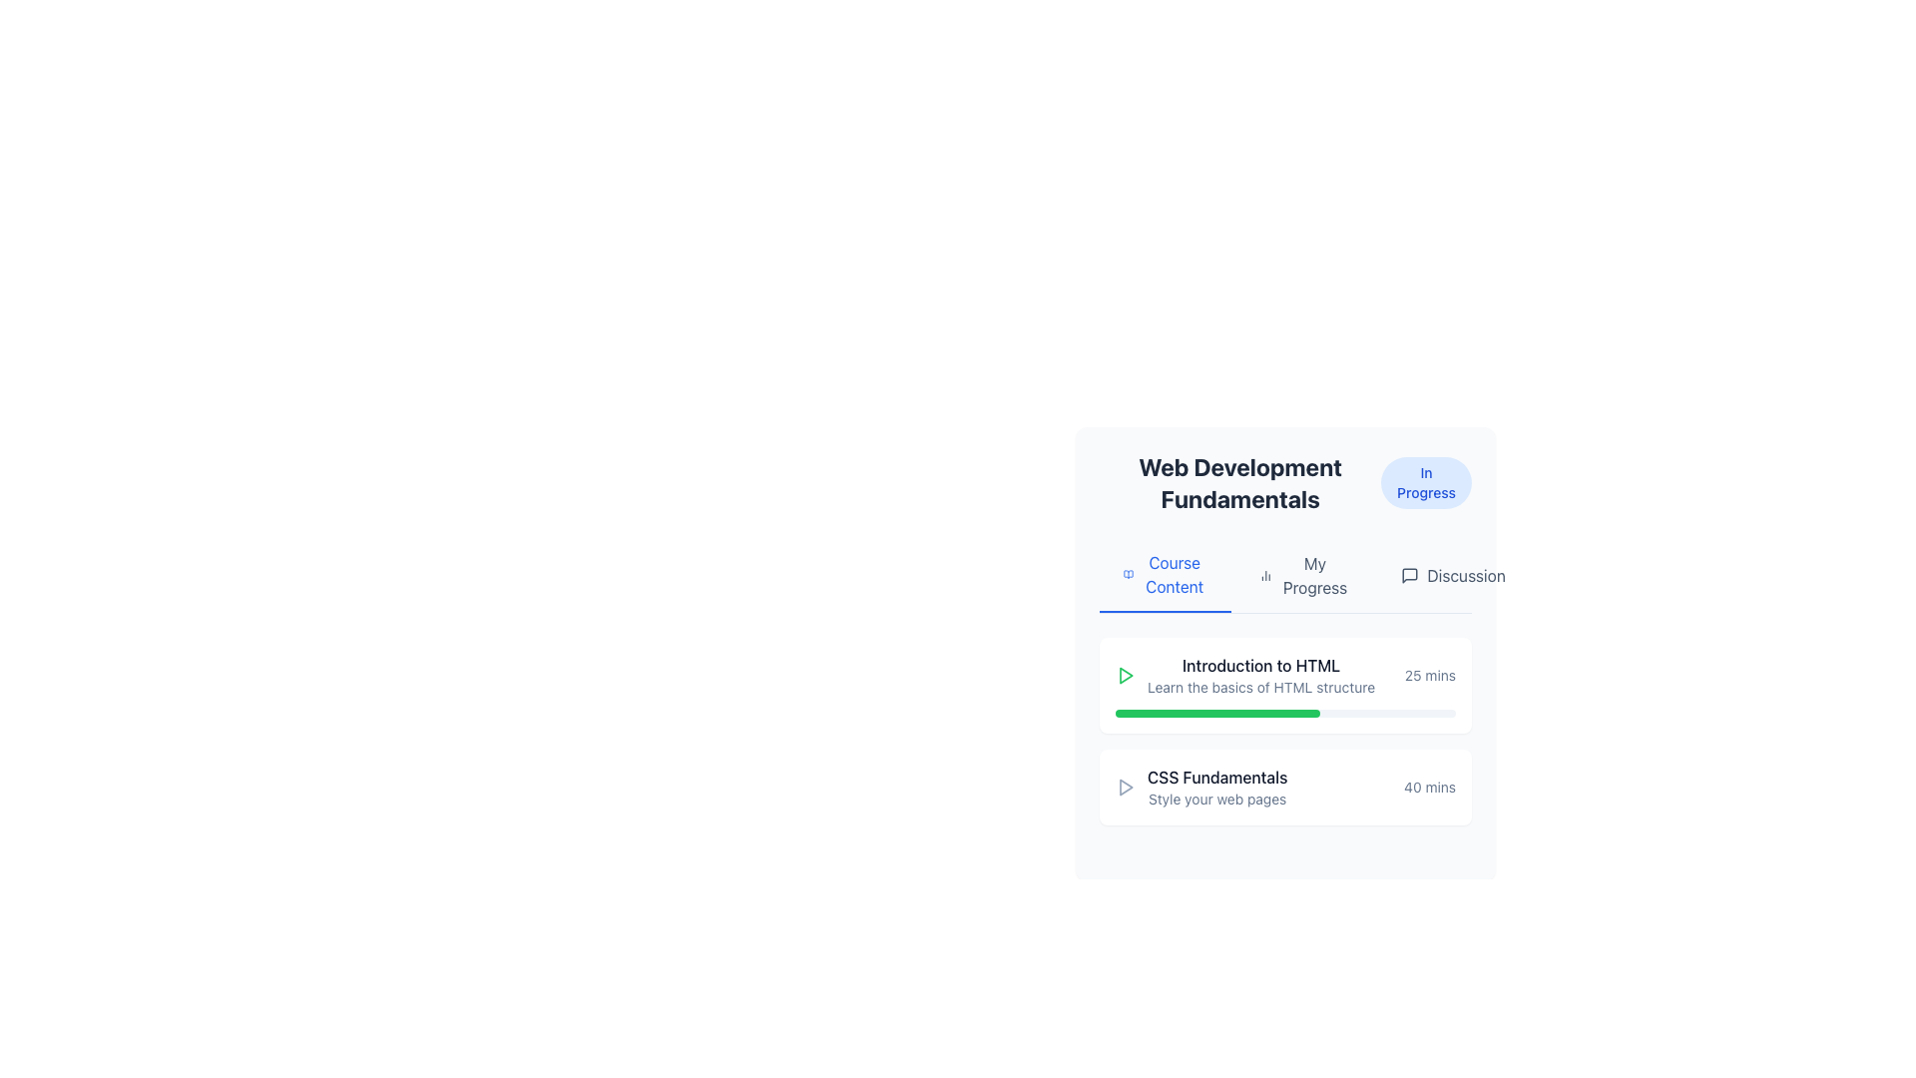  Describe the element at coordinates (1257, 712) in the screenshot. I see `progress bar completion` at that location.